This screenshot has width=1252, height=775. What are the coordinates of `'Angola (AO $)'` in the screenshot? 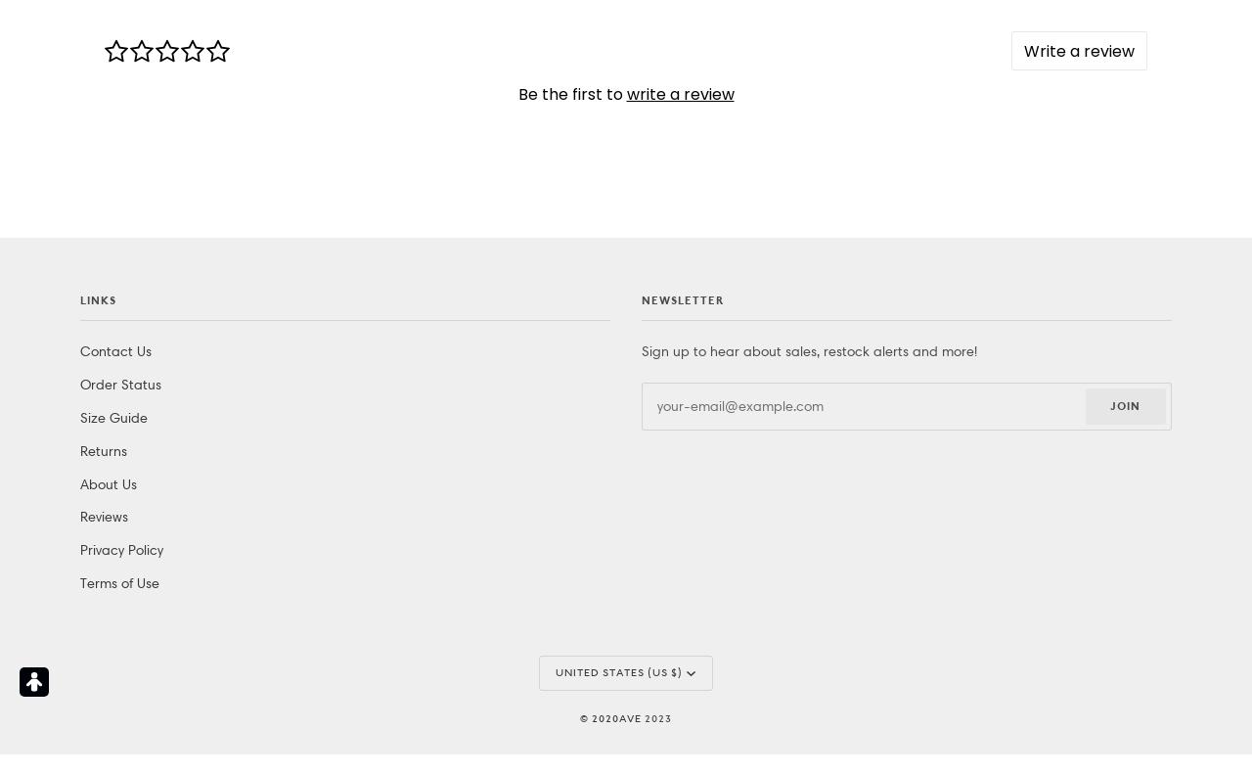 It's located at (598, 168).